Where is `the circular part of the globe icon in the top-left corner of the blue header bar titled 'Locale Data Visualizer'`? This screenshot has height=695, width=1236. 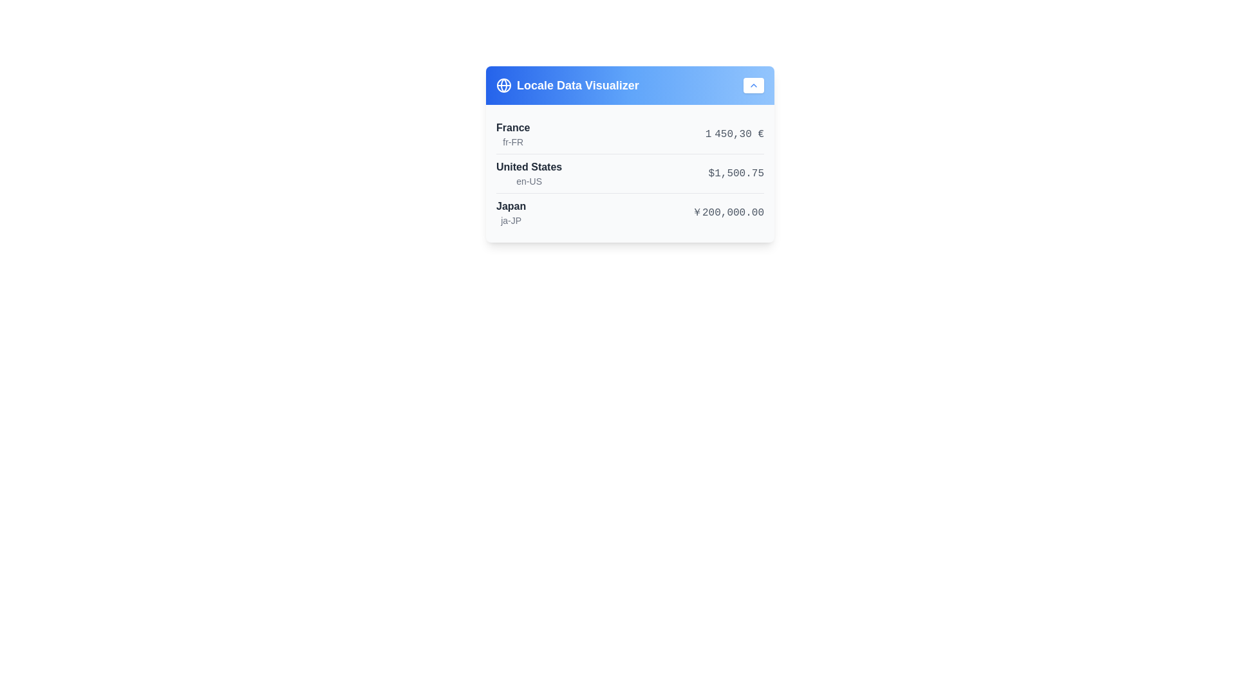 the circular part of the globe icon in the top-left corner of the blue header bar titled 'Locale Data Visualizer' is located at coordinates (503, 85).